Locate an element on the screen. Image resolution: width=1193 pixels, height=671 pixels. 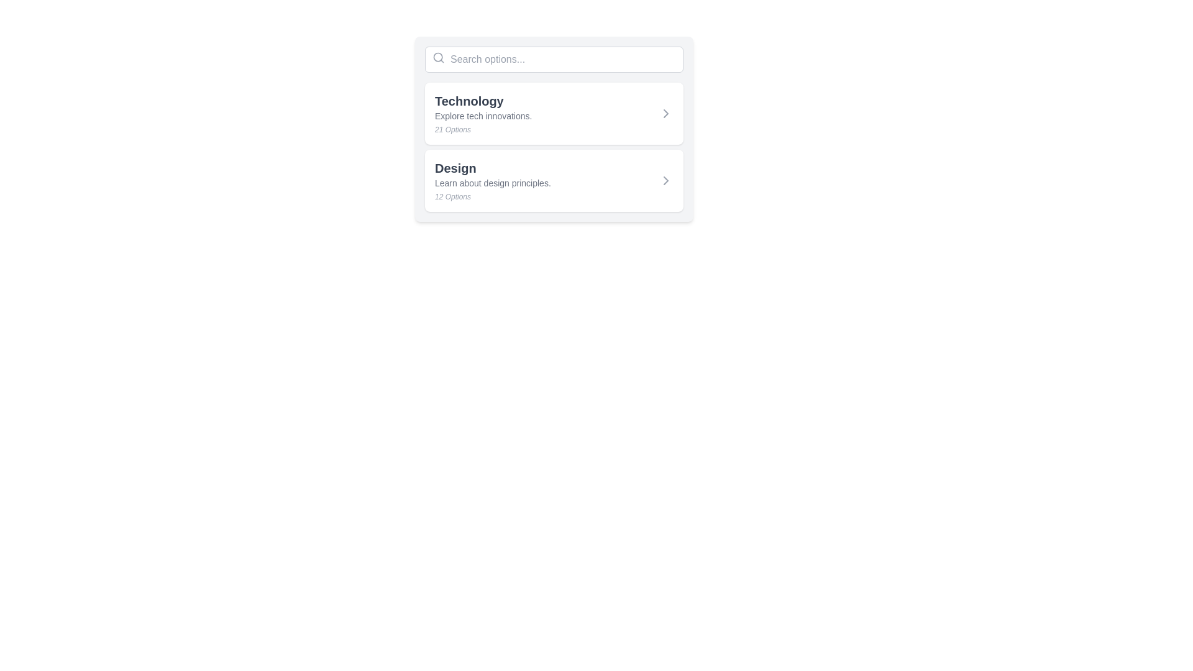
the chevron icon in the 'Technology' section is located at coordinates (665, 113).